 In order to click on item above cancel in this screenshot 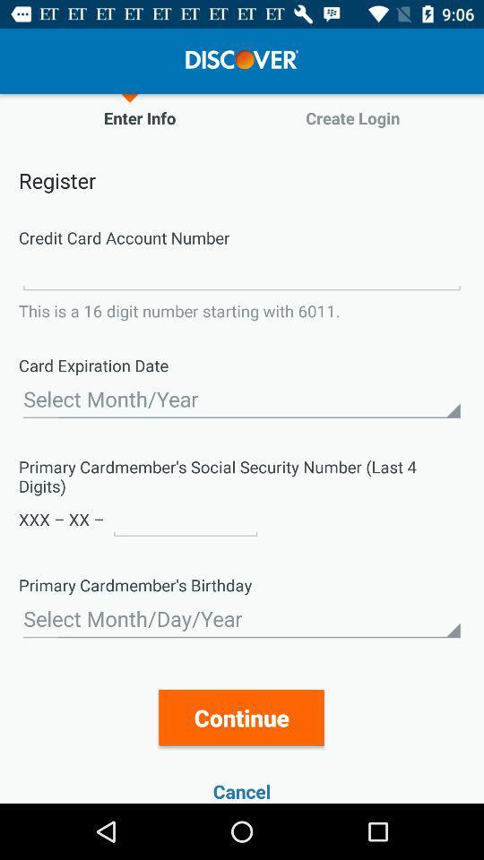, I will do `click(241, 718)`.